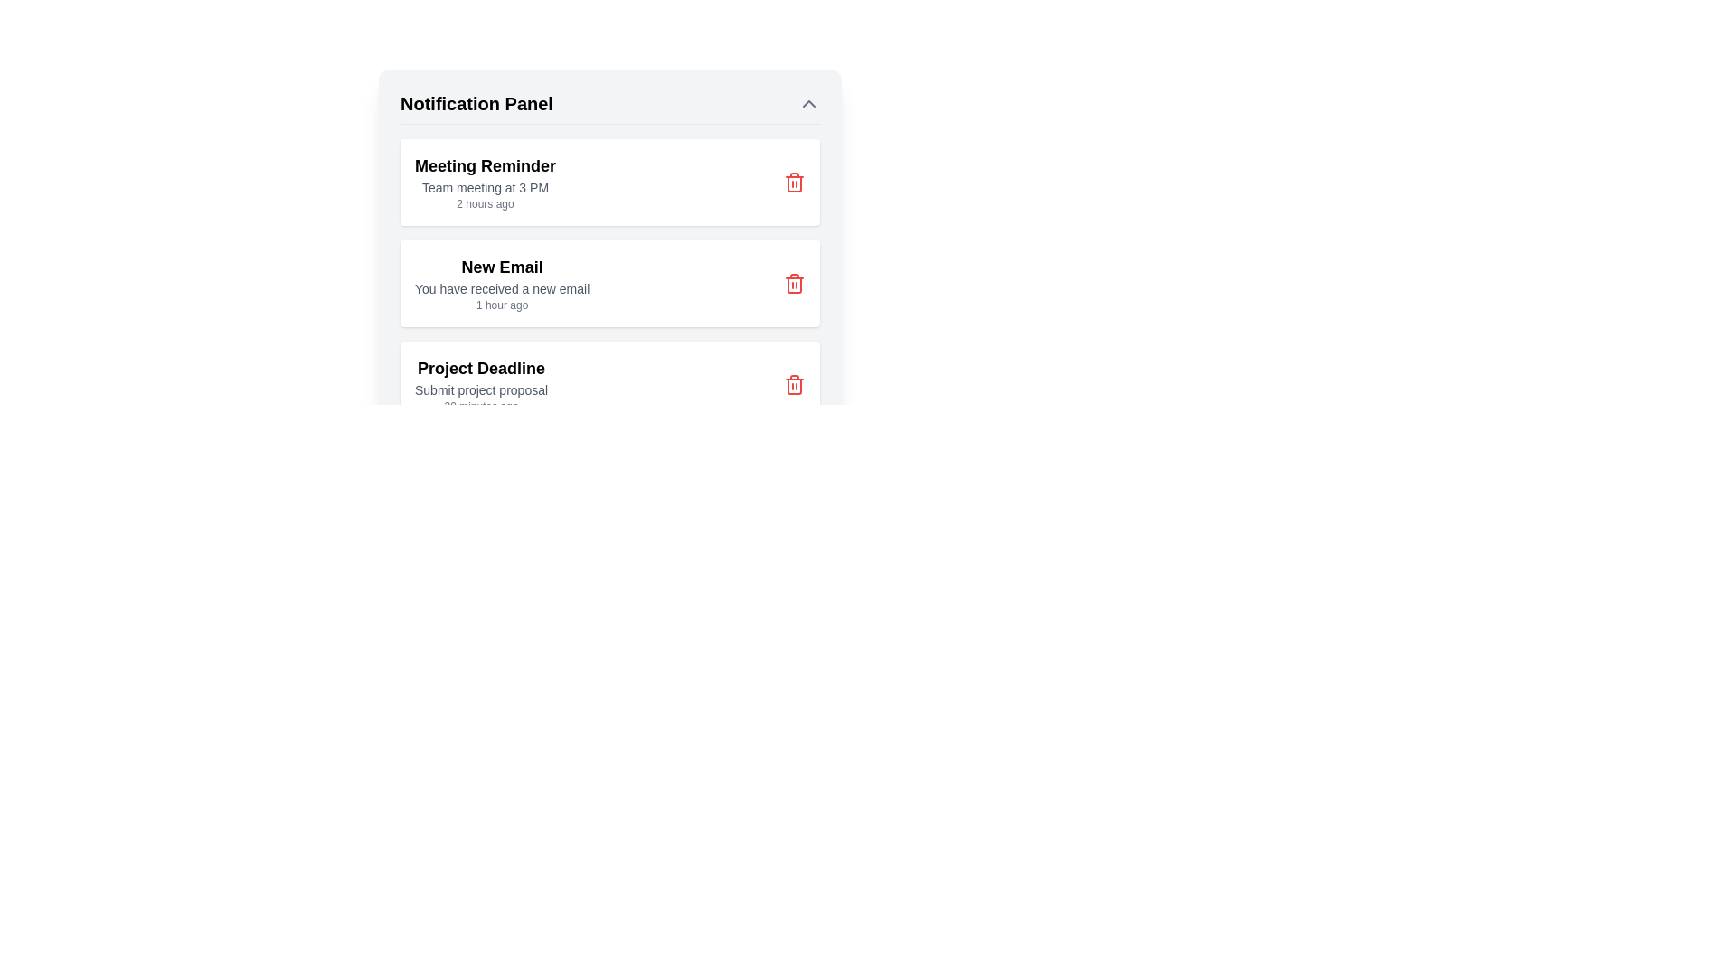  I want to click on the light-gray text label reading '1 hour ago' located within the 'New Email' notification card, below the description 'You have received a new email', so click(502, 305).